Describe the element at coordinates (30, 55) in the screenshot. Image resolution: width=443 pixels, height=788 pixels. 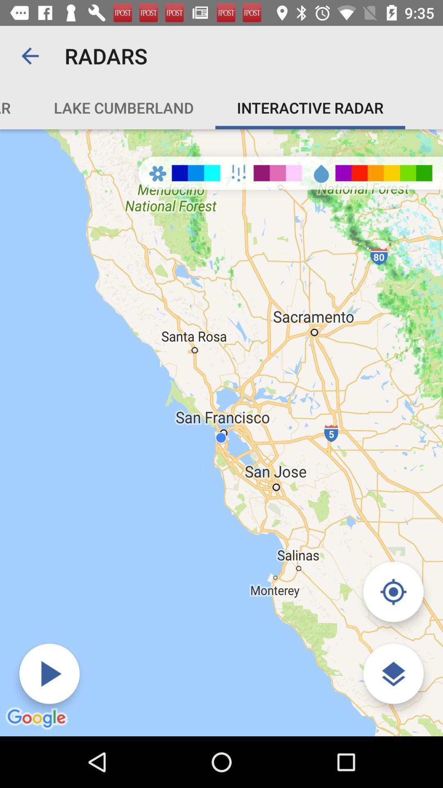
I see `the item above rough river radar item` at that location.